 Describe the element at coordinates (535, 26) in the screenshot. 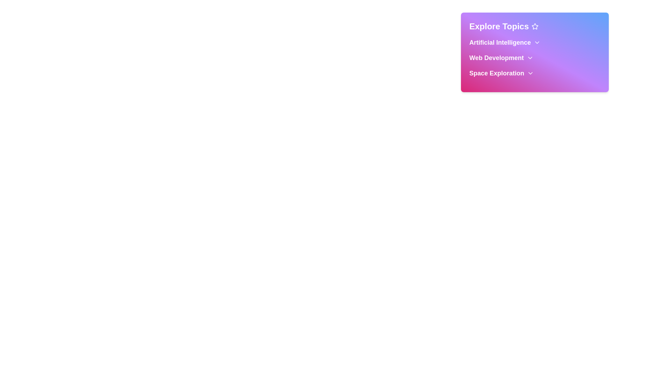

I see `the star icon located to the right of the text 'Explore Topics' at the top-left side of the component containing the topic categories` at that location.